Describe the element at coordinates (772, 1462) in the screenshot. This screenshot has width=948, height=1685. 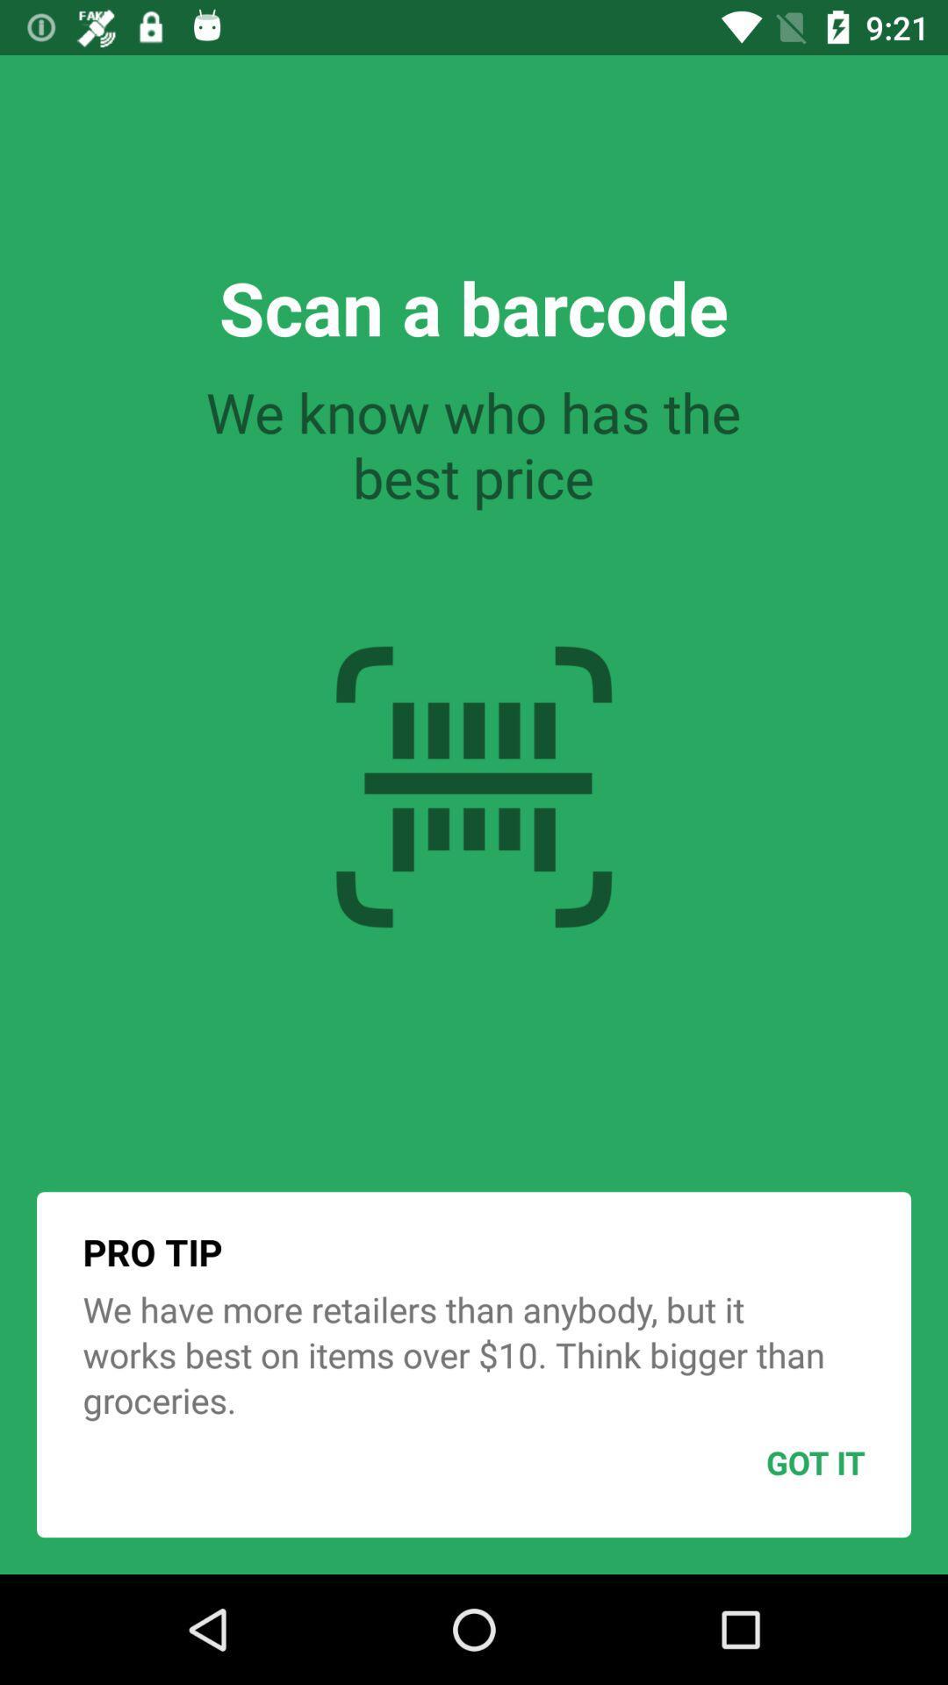
I see `icon at the bottom right corner` at that location.